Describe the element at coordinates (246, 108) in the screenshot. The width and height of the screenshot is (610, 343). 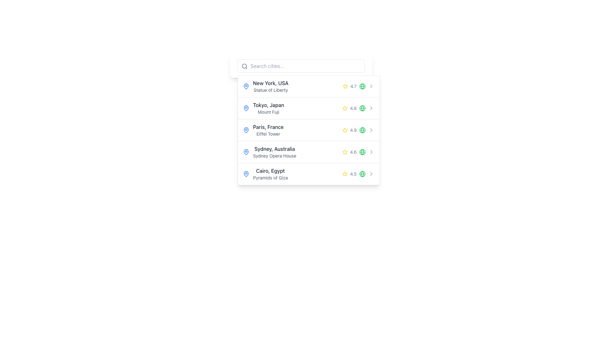
I see `the blue map pin icon located to the left of the text 'Tokyo, Japan' and 'Mount Fuji'` at that location.